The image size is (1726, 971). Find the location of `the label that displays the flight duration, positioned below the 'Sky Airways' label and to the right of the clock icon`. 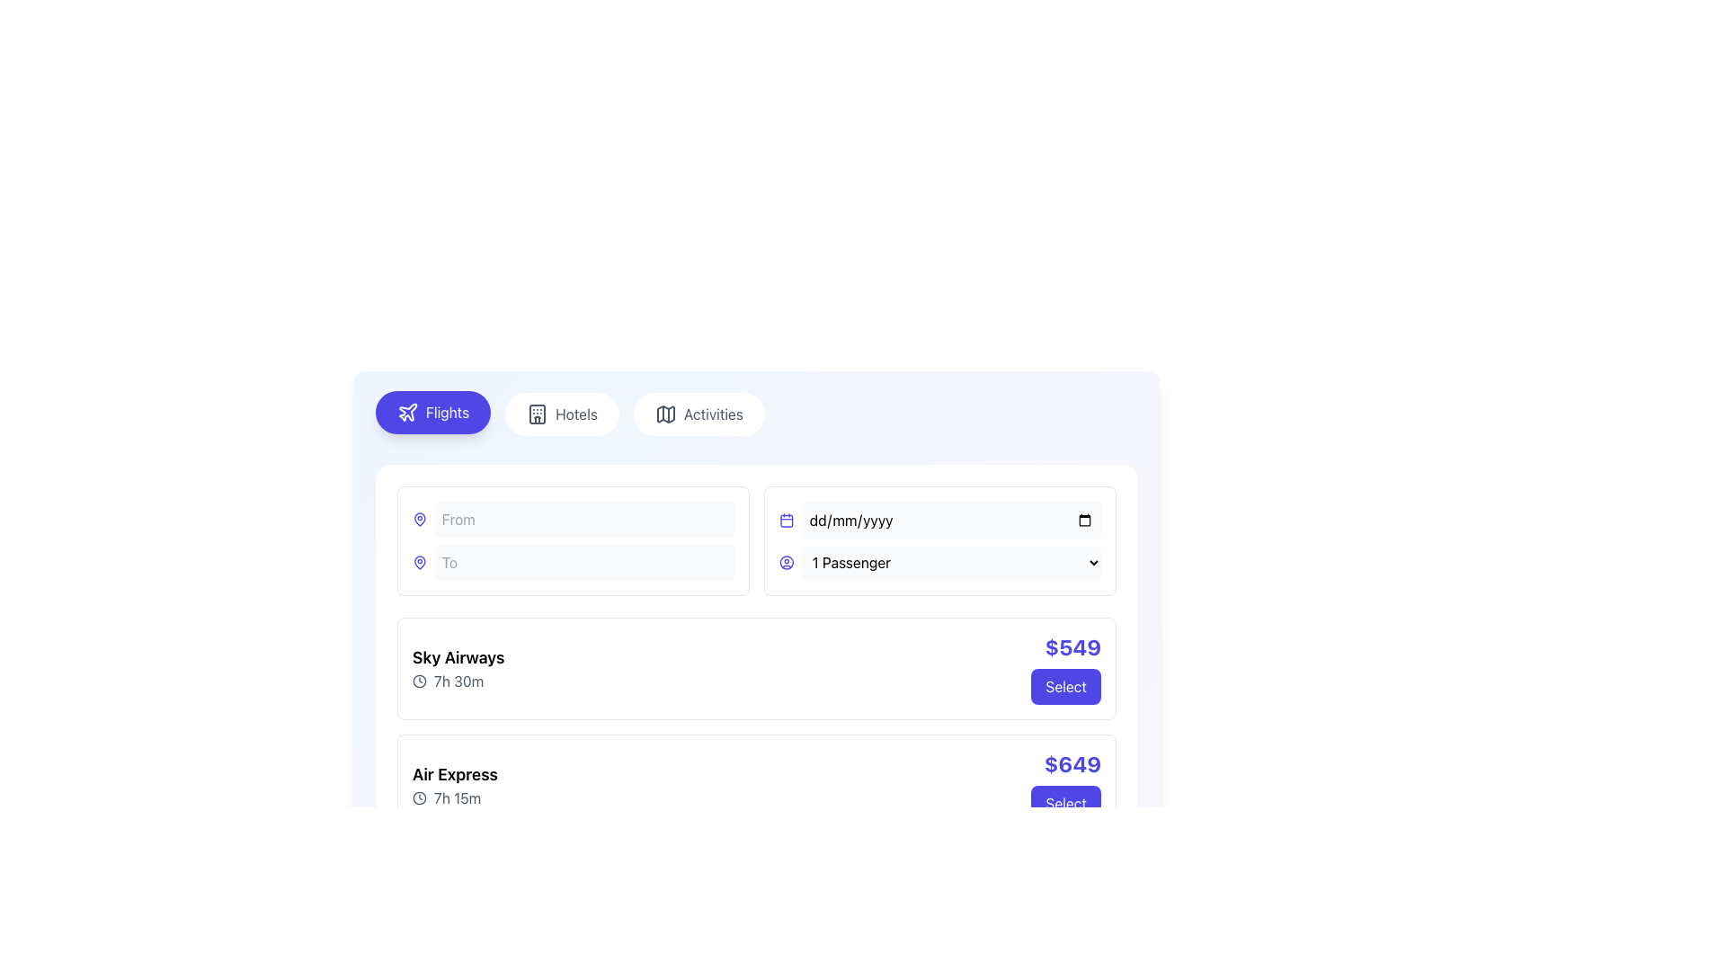

the label that displays the flight duration, positioned below the 'Sky Airways' label and to the right of the clock icon is located at coordinates (458, 681).